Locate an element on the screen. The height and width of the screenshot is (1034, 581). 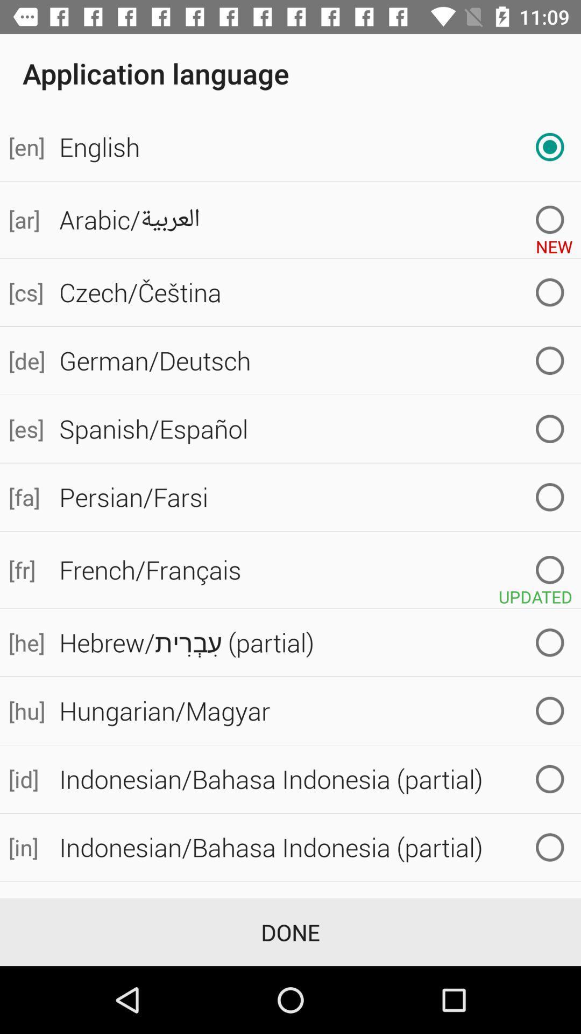
the icon to the left of indonesian bahasa indonesia icon is located at coordinates (25, 847).